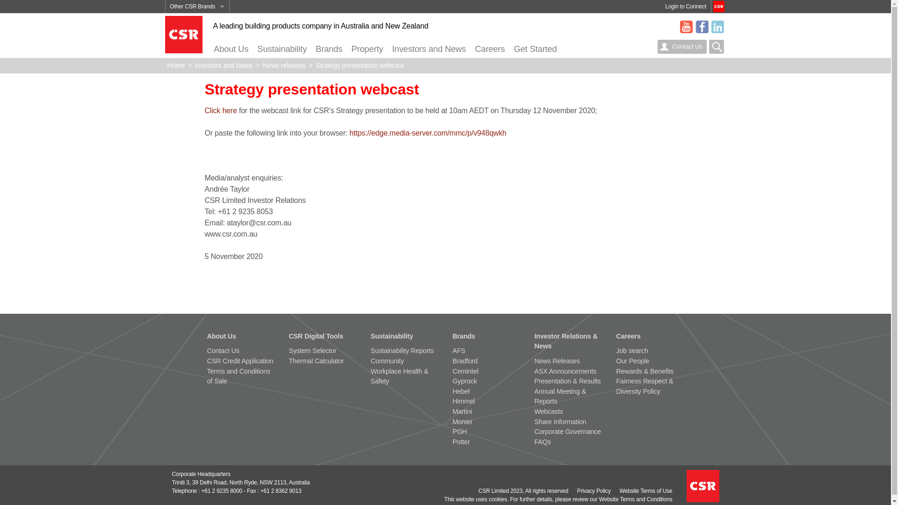  Describe the element at coordinates (686, 7) in the screenshot. I see `'Login to Connect'` at that location.